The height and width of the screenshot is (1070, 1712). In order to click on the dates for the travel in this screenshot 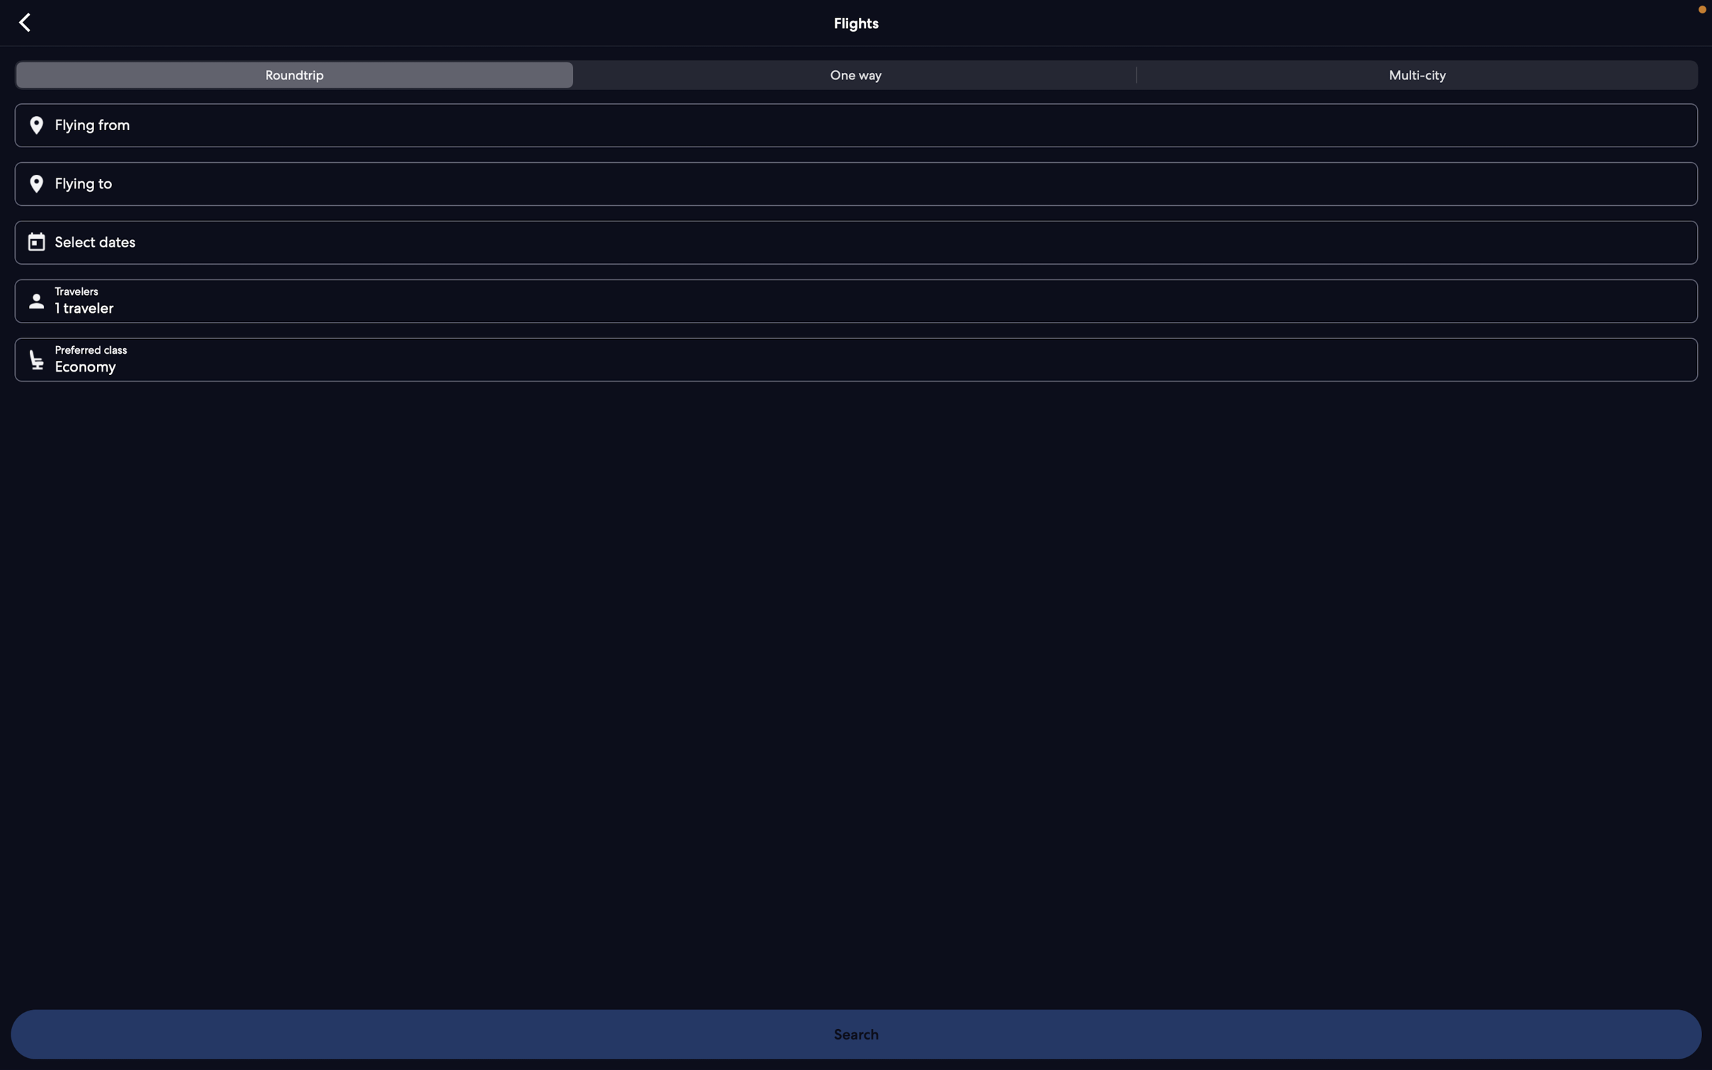, I will do `click(861, 240)`.